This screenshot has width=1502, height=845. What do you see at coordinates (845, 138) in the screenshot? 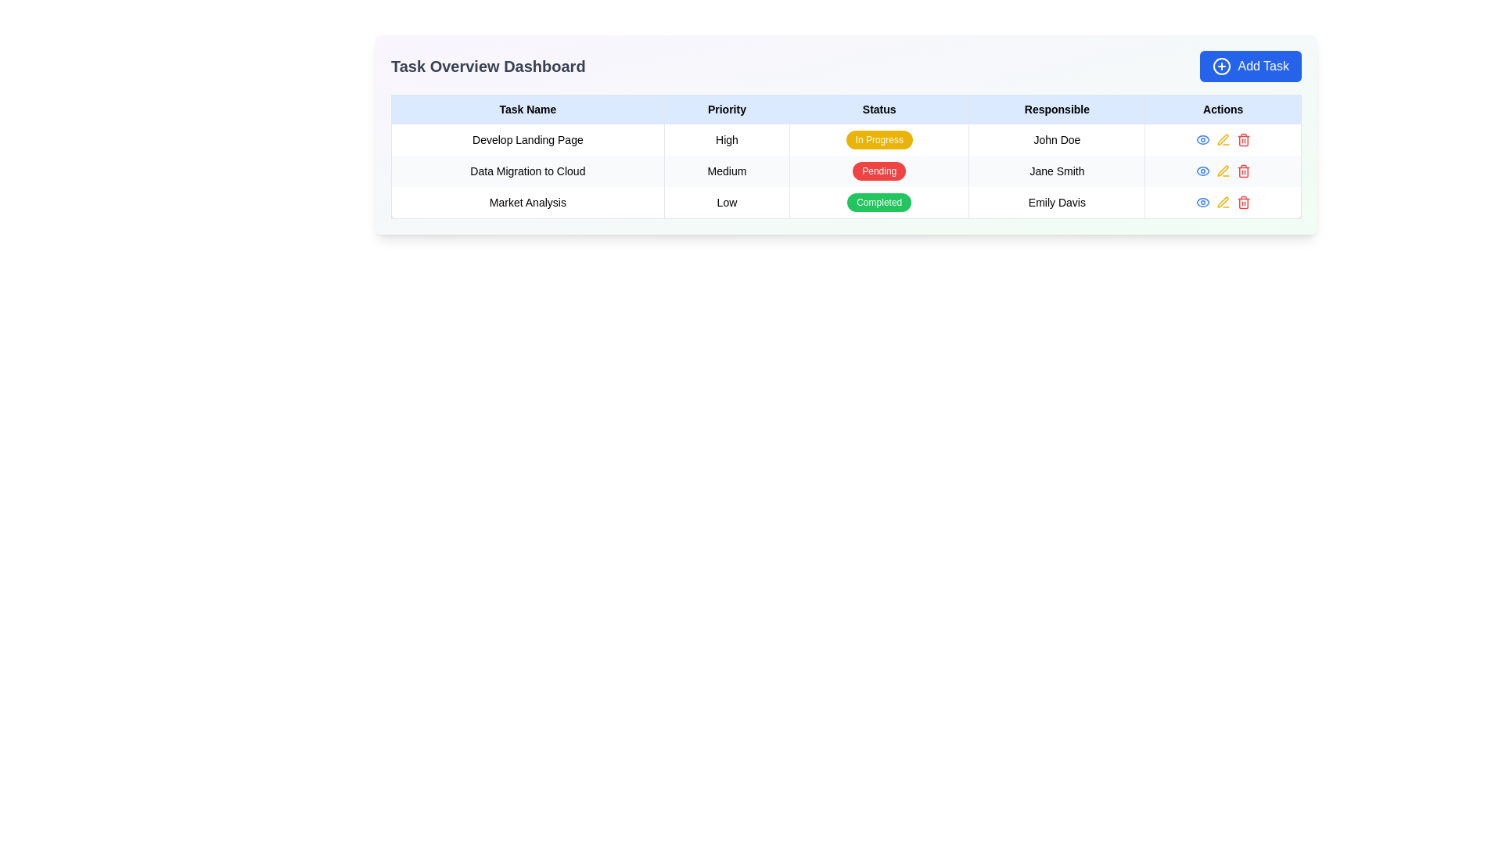
I see `the first row of the table displaying task details, which includes 'Develop Landing Page' as the task name, 'High' as the priority, 'In Progress' with a yellow background as the status, and 'John Doe' as the responsible person` at bounding box center [845, 138].